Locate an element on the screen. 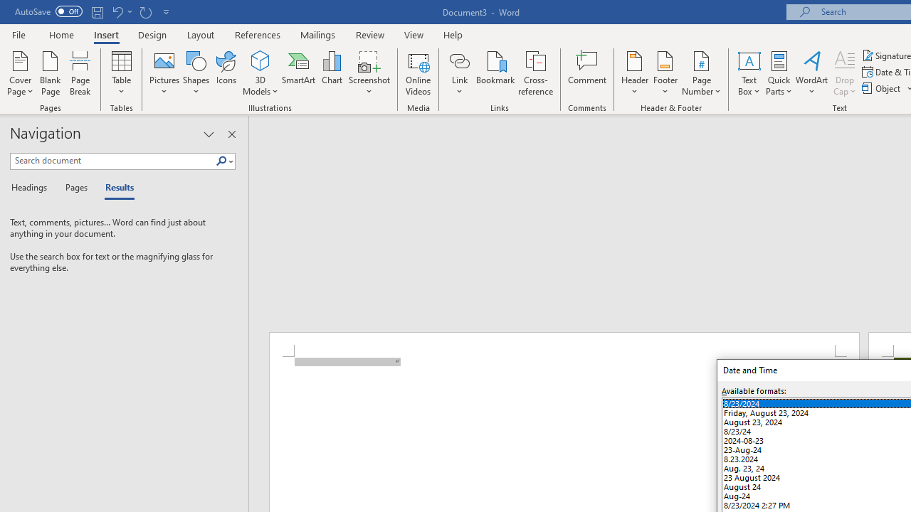 This screenshot has width=911, height=512. 'Pictures' is located at coordinates (164, 73).